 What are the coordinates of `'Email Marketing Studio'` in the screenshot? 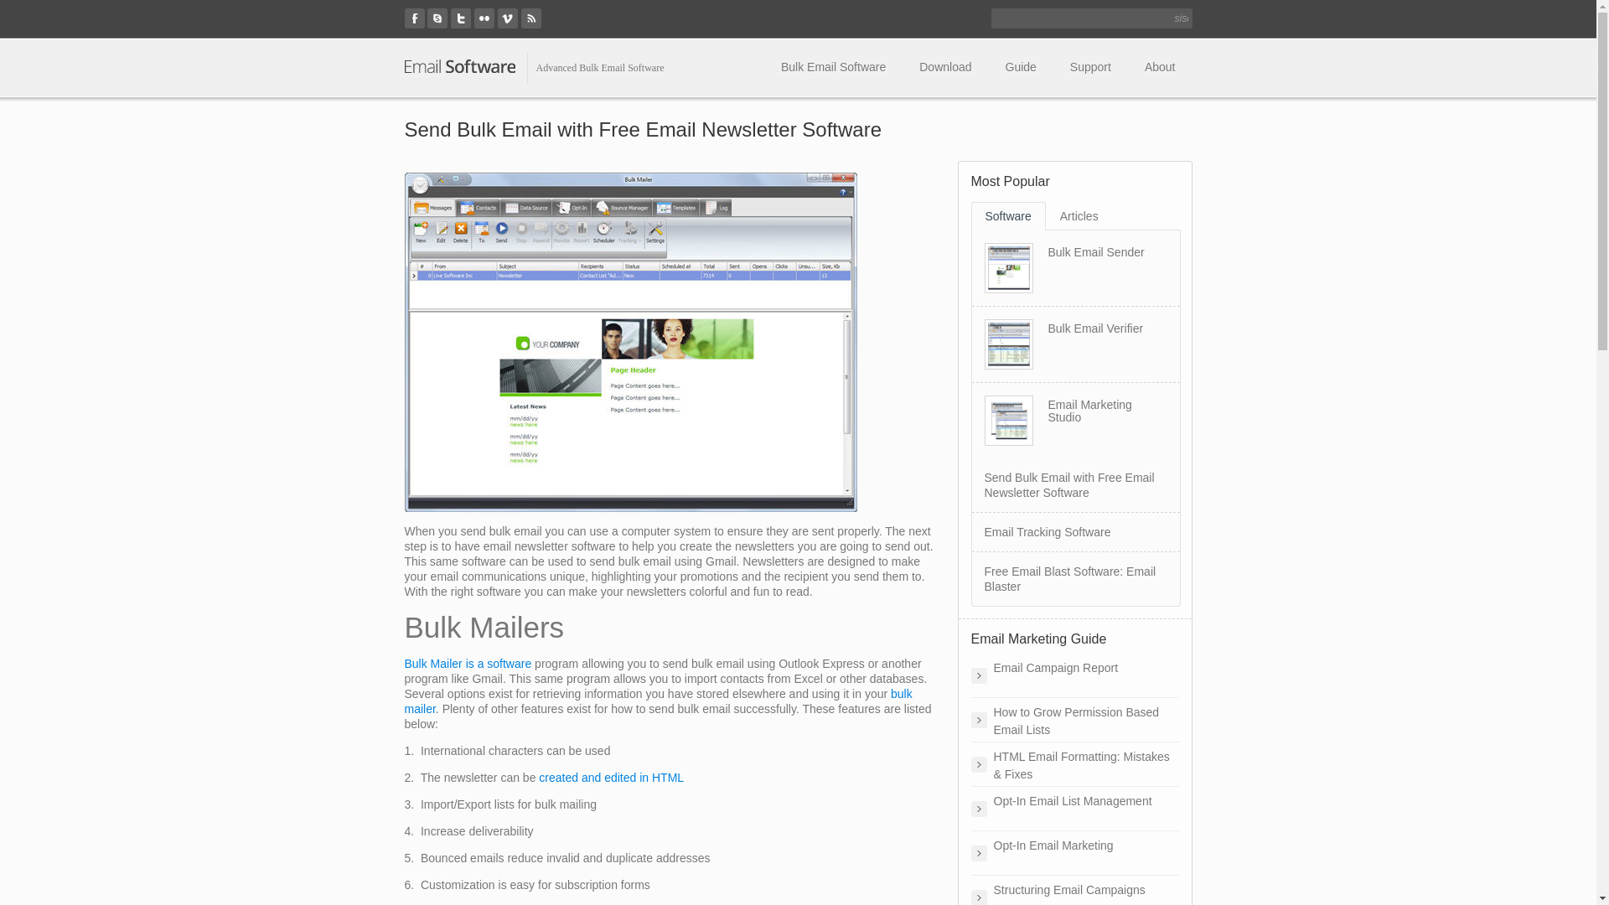 It's located at (1089, 411).